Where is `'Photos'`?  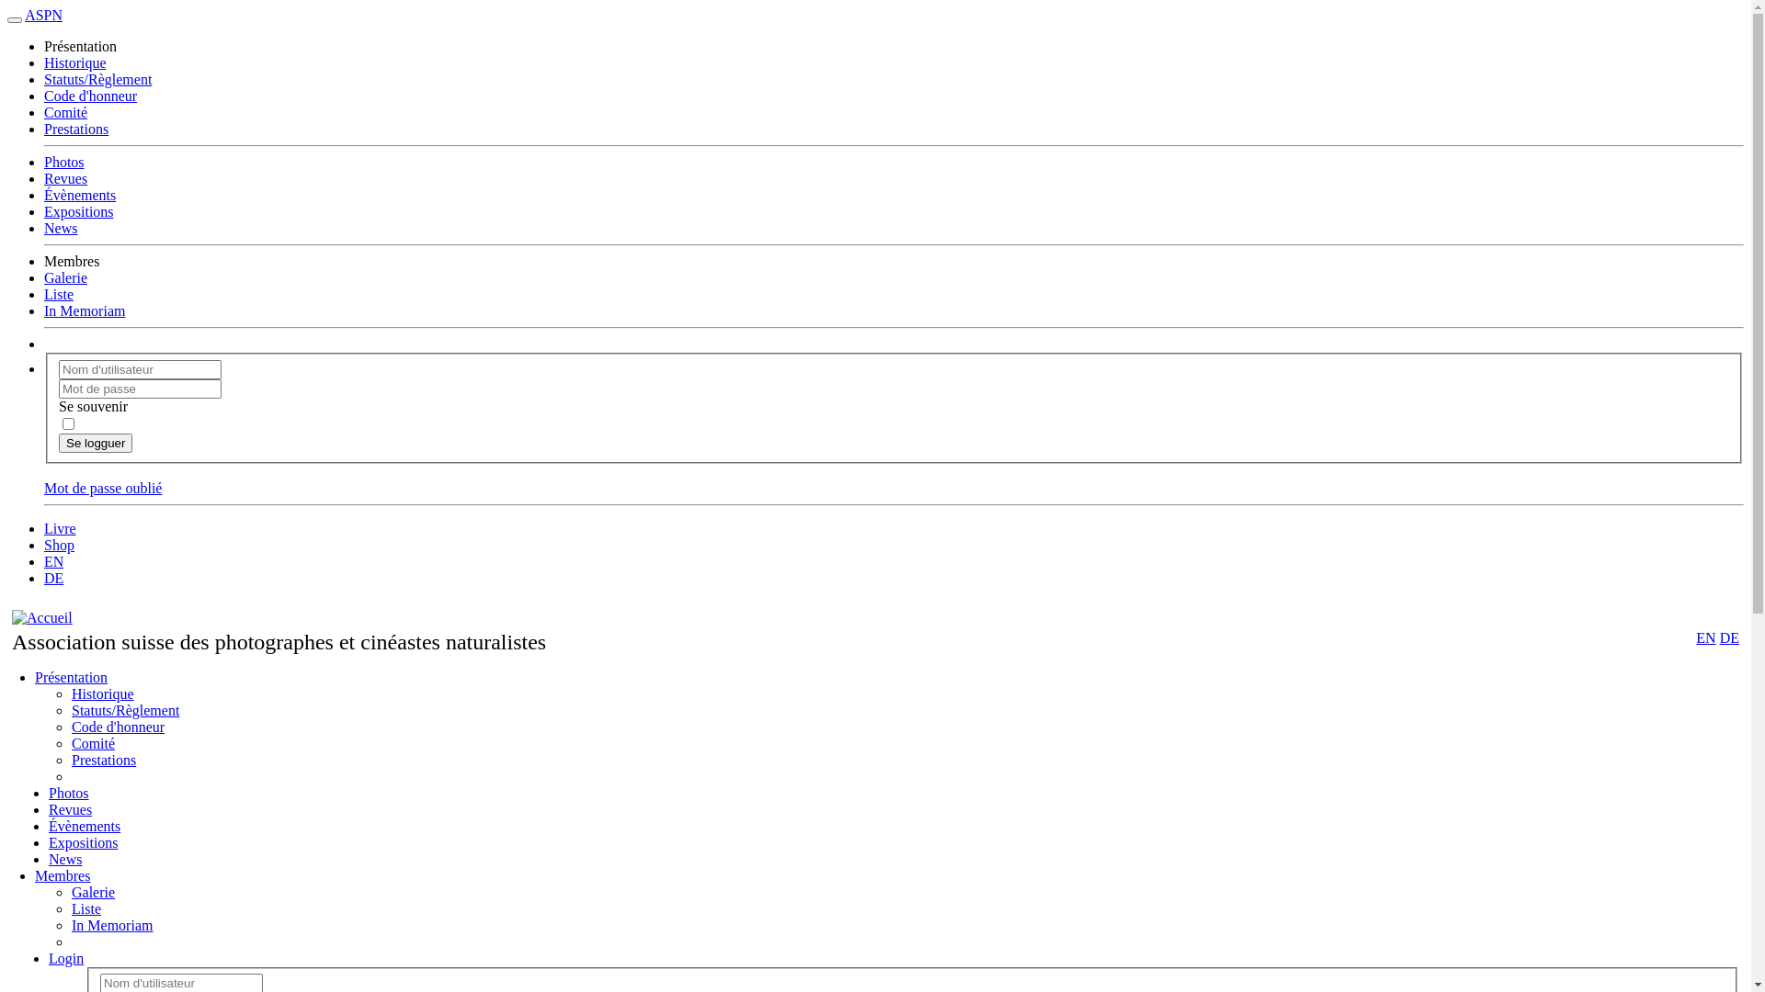
'Photos' is located at coordinates (69, 792).